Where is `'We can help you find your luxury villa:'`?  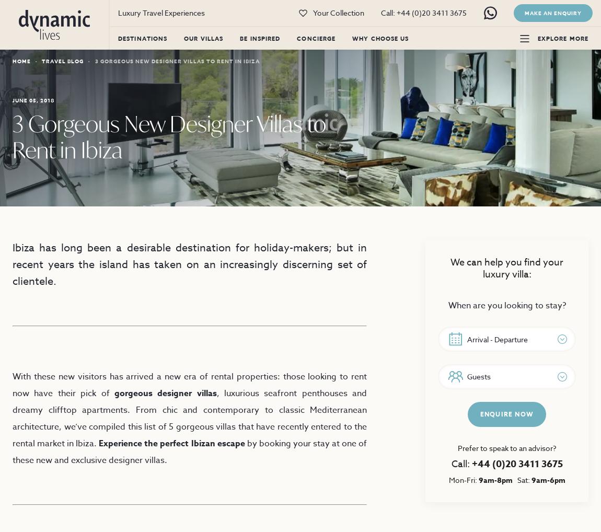
'We can help you find your luxury villa:' is located at coordinates (507, 268).